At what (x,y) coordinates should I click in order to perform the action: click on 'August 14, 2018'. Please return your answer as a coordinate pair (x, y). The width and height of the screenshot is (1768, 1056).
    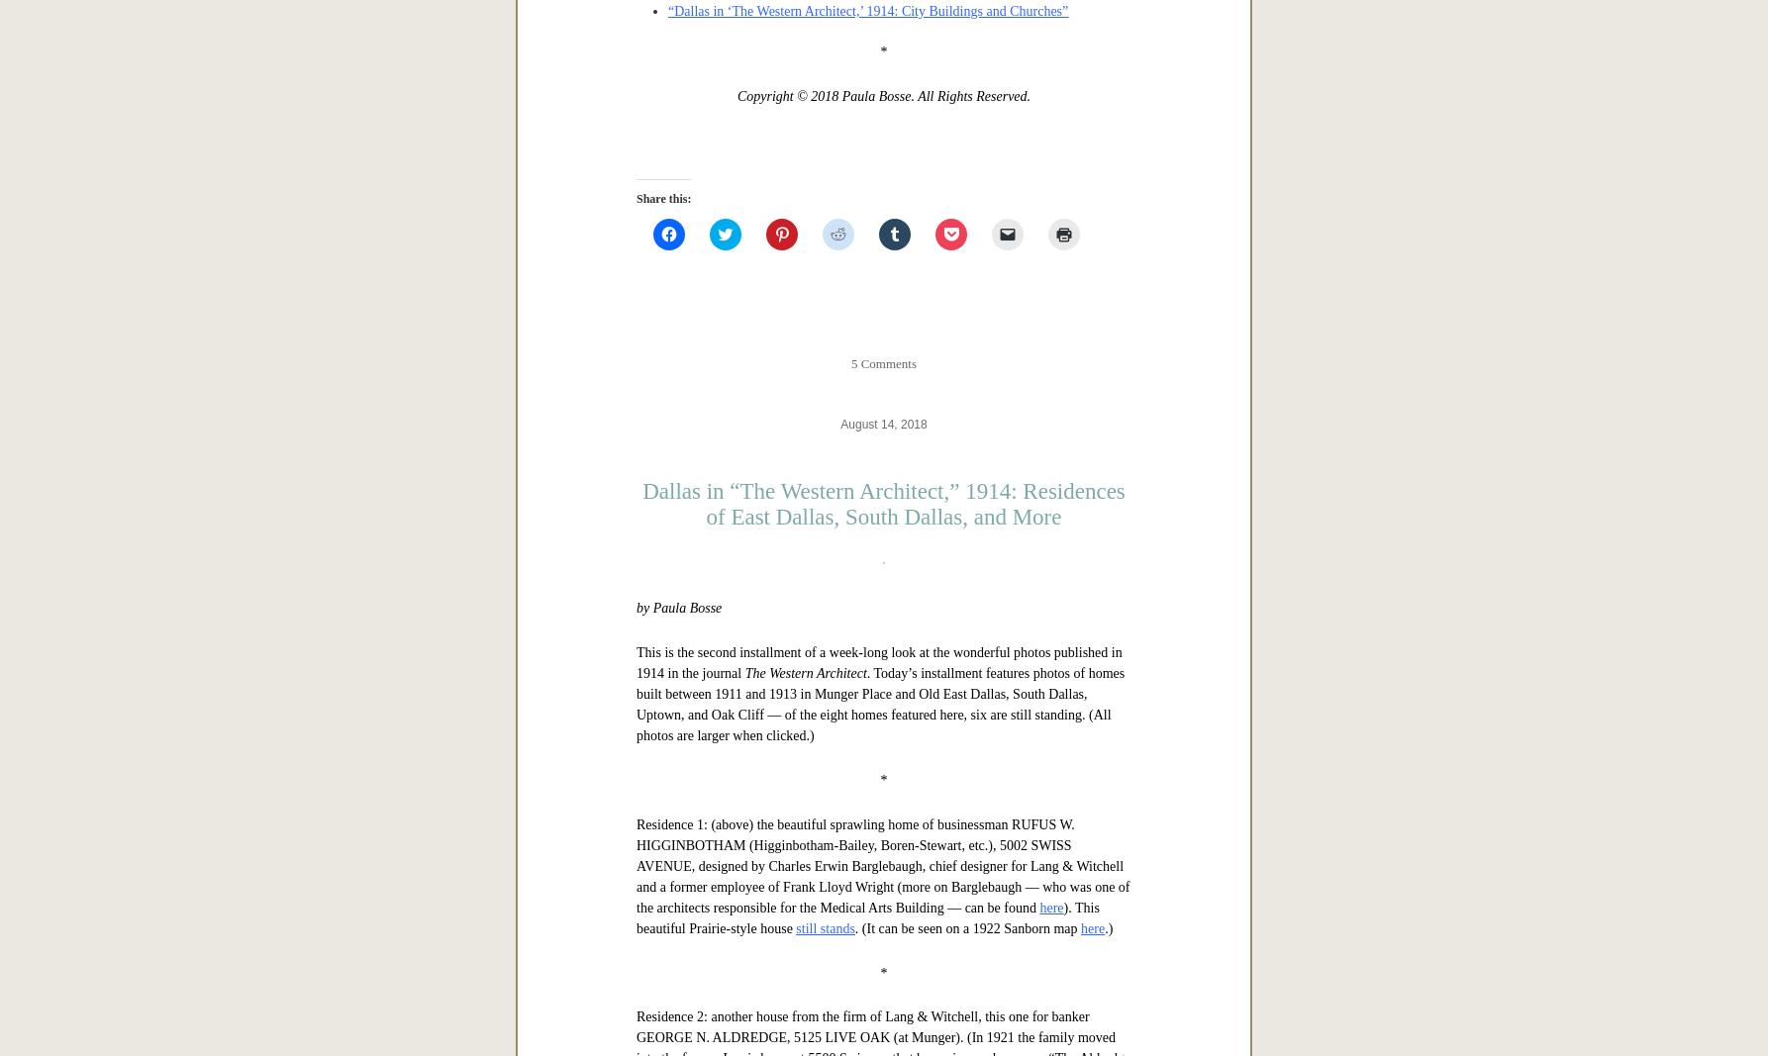
    Looking at the image, I should click on (882, 1045).